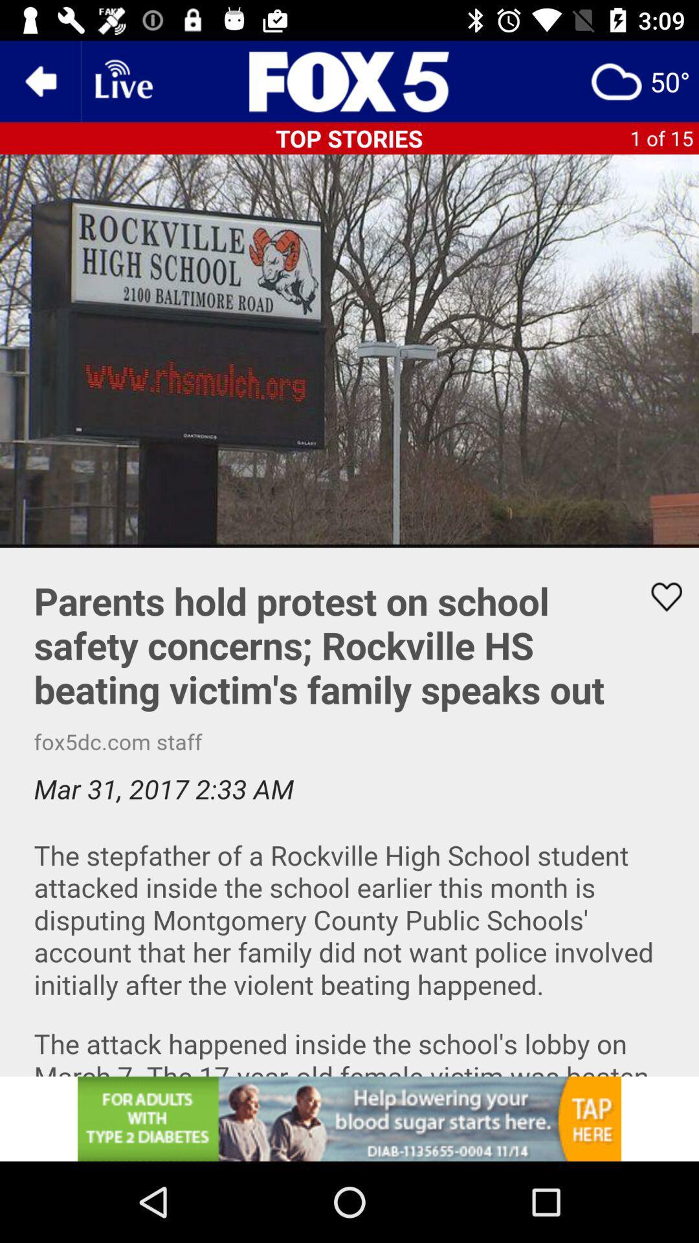  Describe the element at coordinates (349, 80) in the screenshot. I see `title image` at that location.